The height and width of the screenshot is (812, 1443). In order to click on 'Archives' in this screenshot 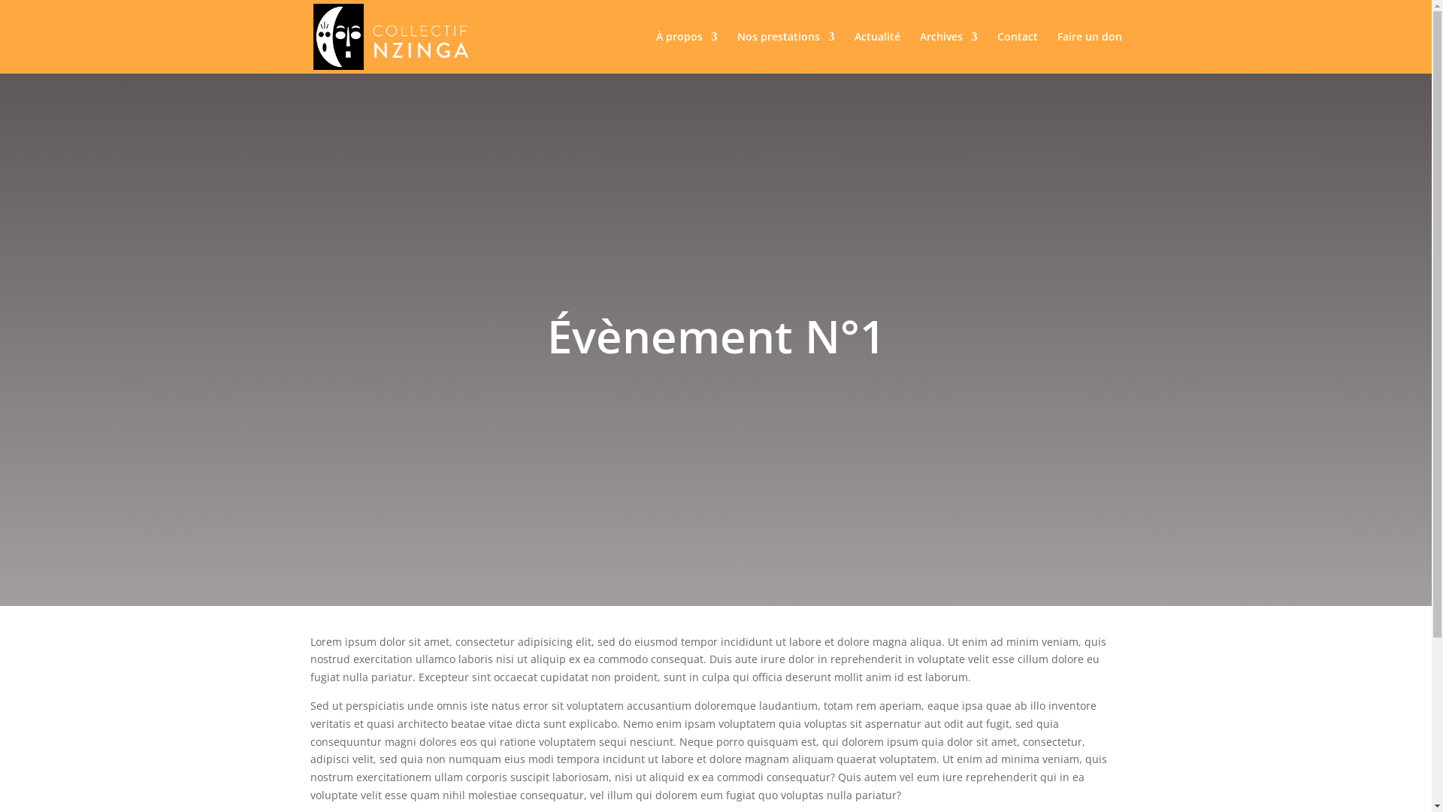, I will do `click(919, 51)`.